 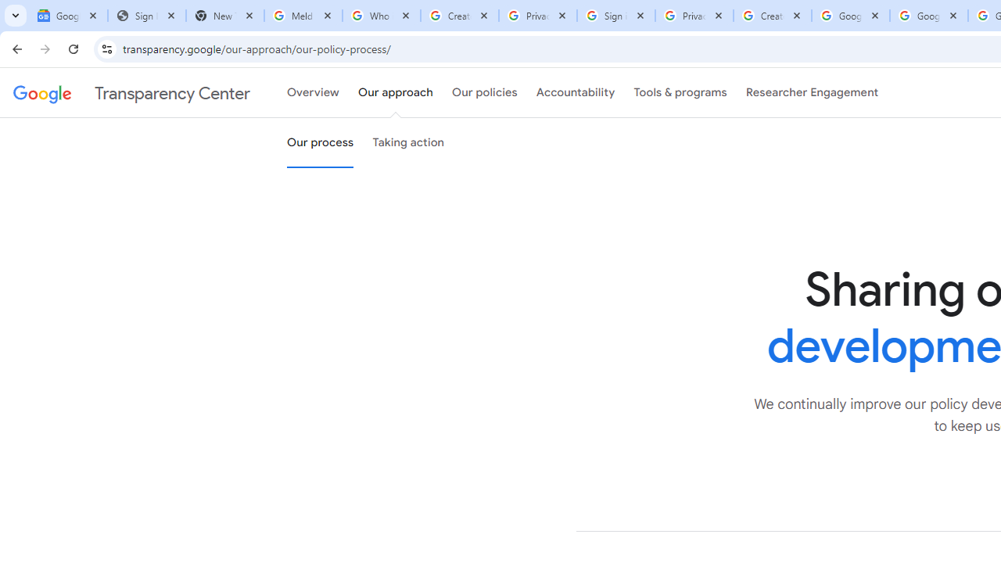 What do you see at coordinates (680, 93) in the screenshot?
I see `'Tools & programs'` at bounding box center [680, 93].